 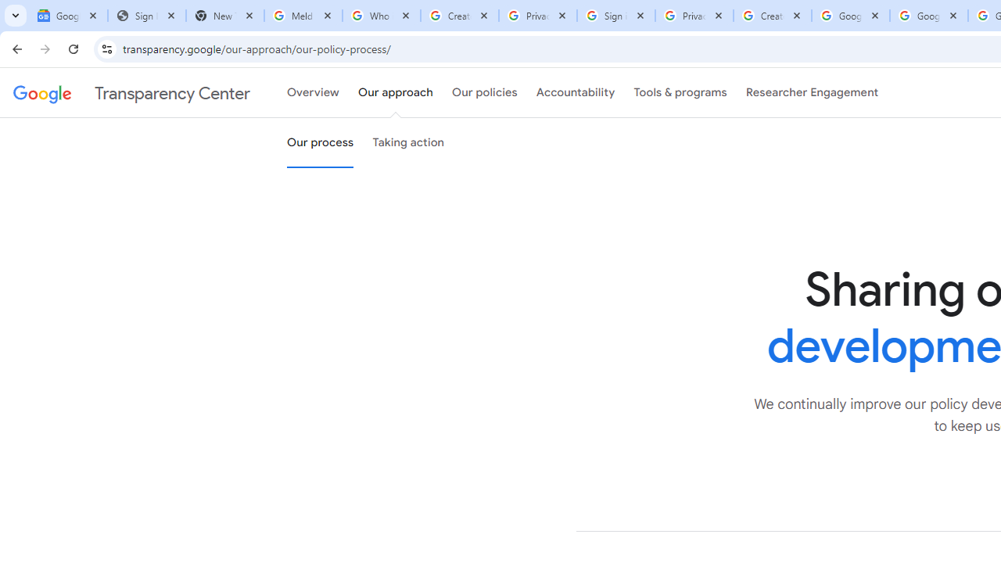 What do you see at coordinates (680, 93) in the screenshot?
I see `'Tools & programs'` at bounding box center [680, 93].